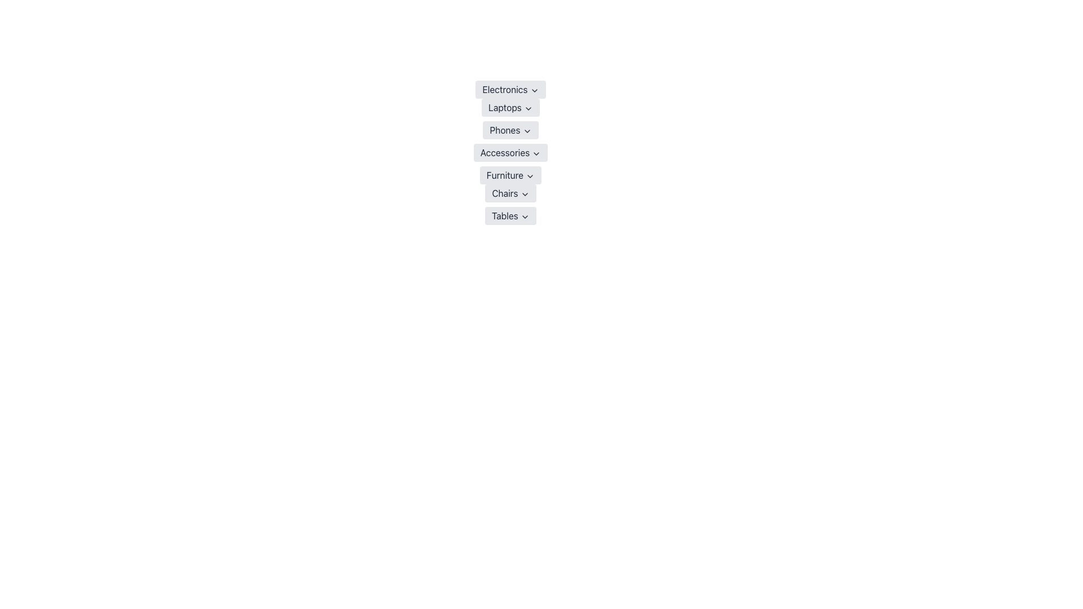 This screenshot has height=609, width=1083. I want to click on the 'Accessories' button, which is the fourth button in a vertical list, so click(510, 152).